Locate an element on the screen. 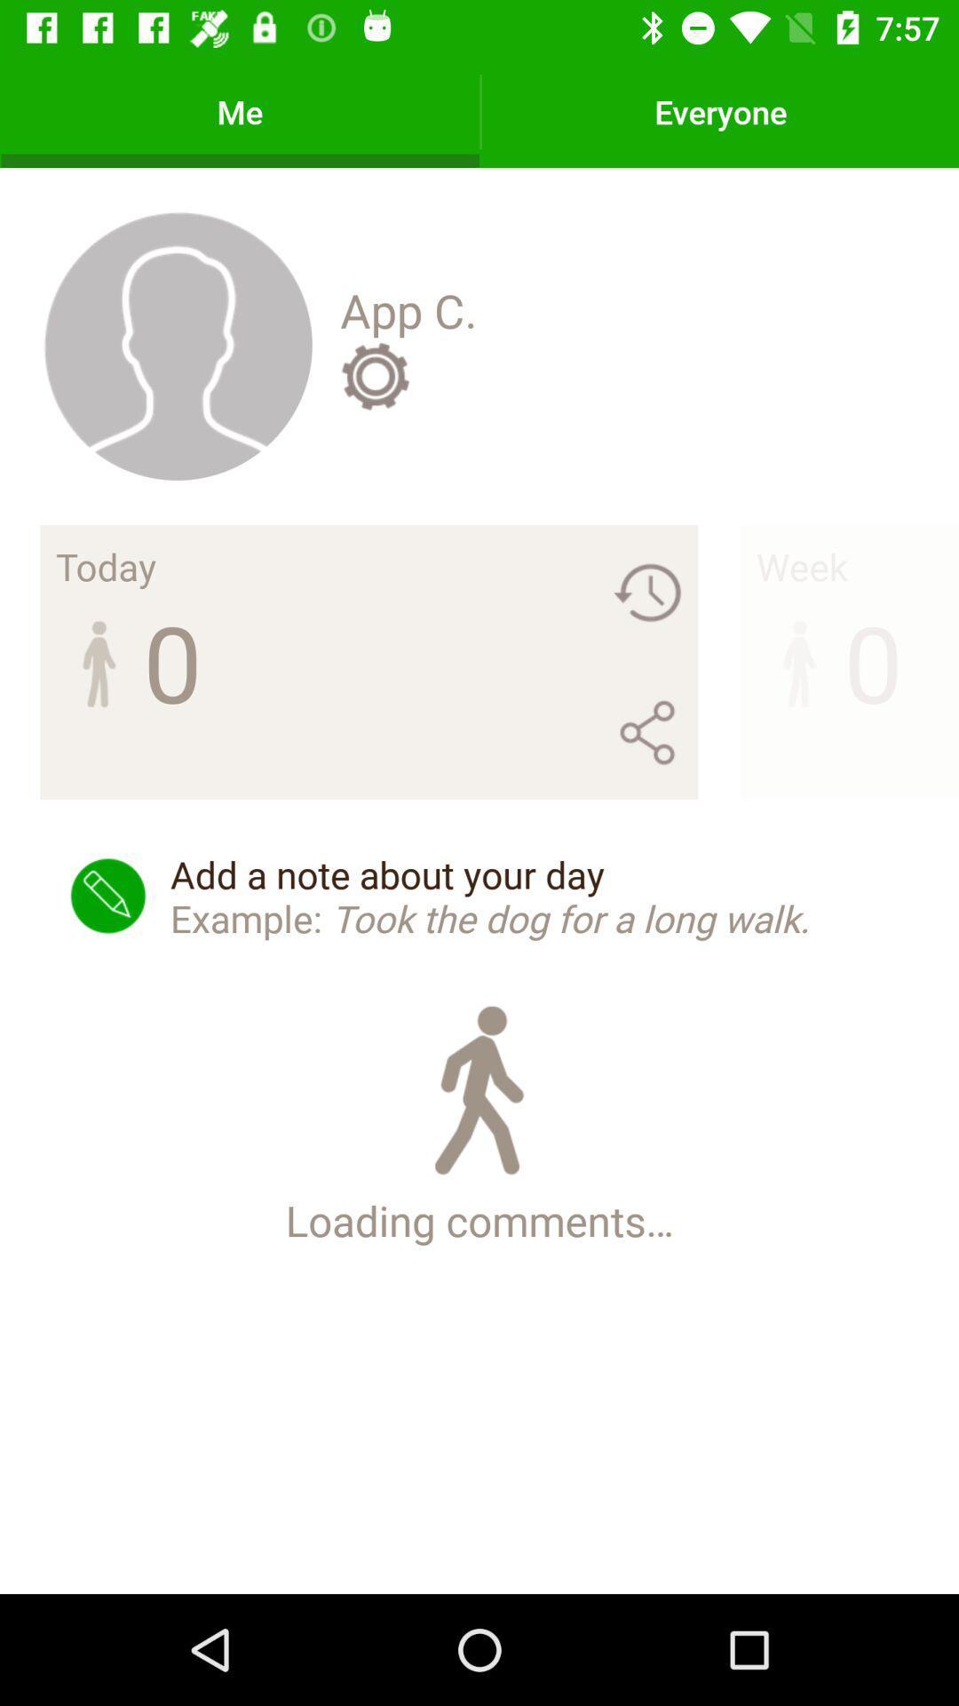  the image under today is located at coordinates (99, 660).